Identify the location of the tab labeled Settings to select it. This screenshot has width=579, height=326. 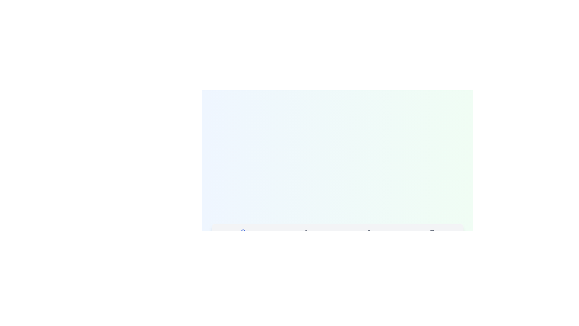
(369, 236).